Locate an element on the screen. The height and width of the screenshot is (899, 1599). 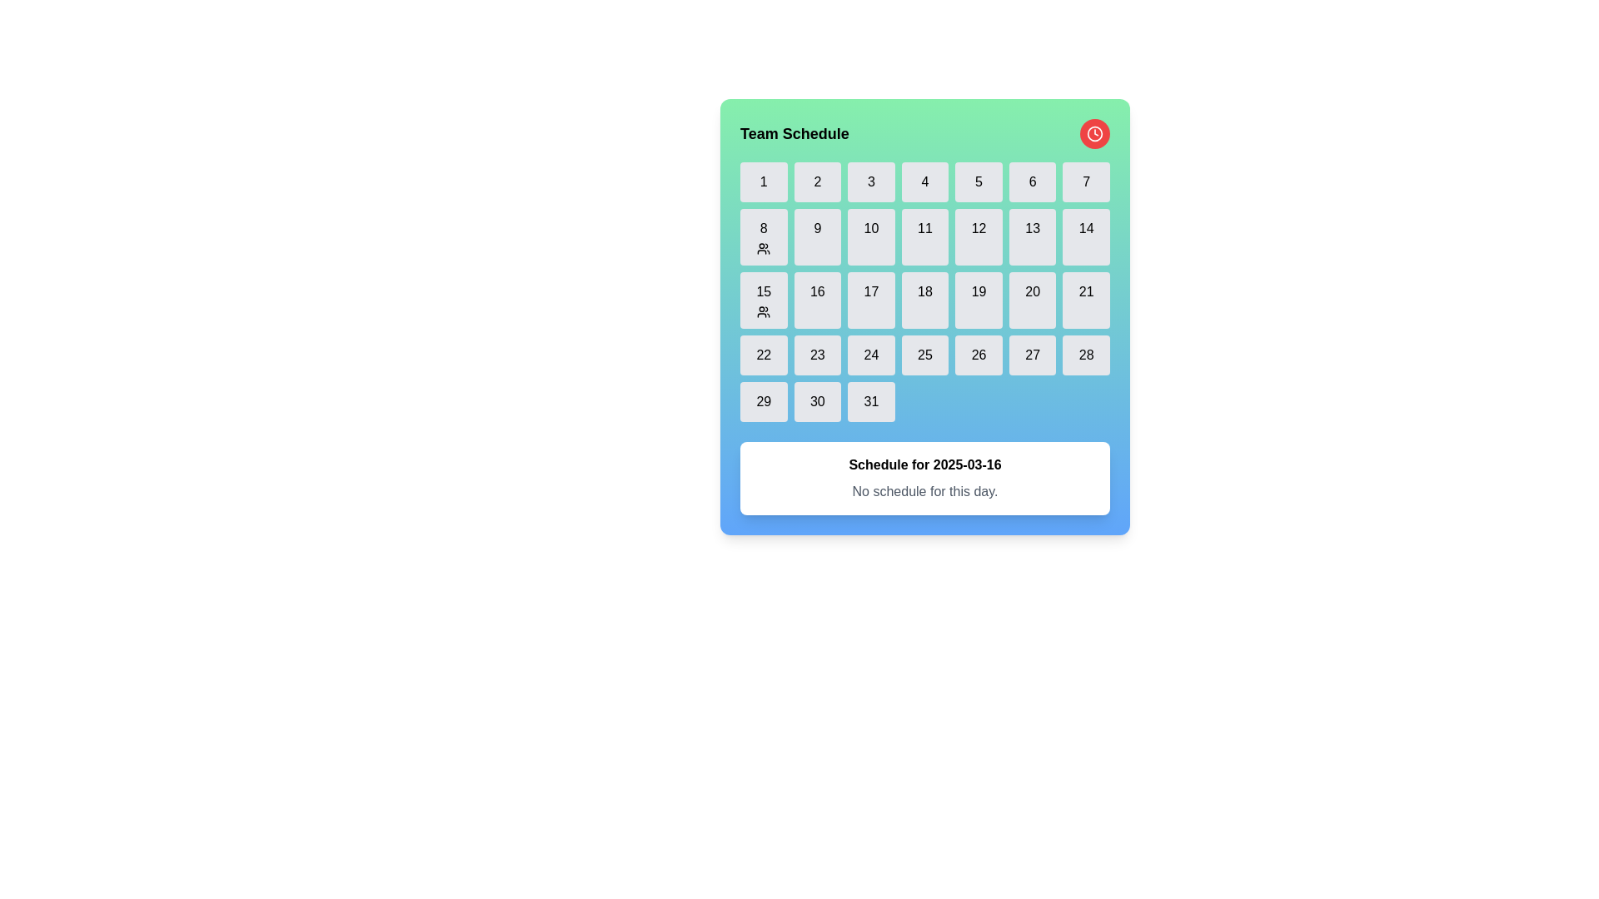
the selectable calendar day box displaying the number '30', which is located in the bottom row of the calendar grid between '29' and '31' is located at coordinates (817, 401).